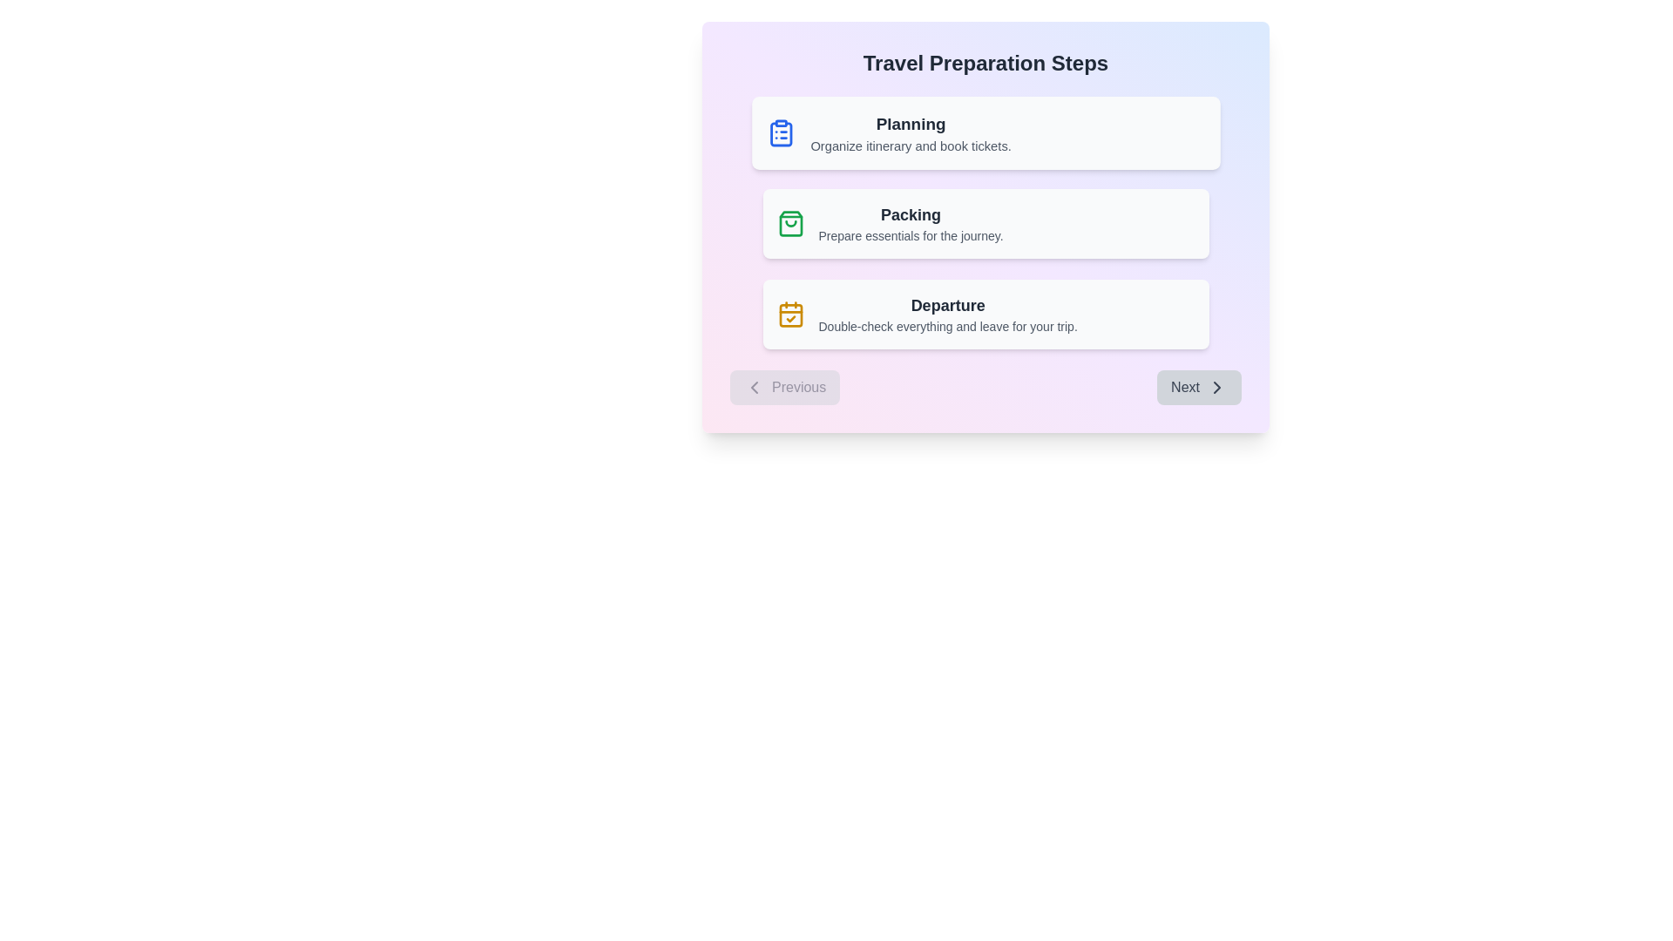 The image size is (1673, 941). I want to click on the static text element that provides a detailed description of the 'Planning' step, located in the topmost card of a vertical list of three cards, so click(910, 145).